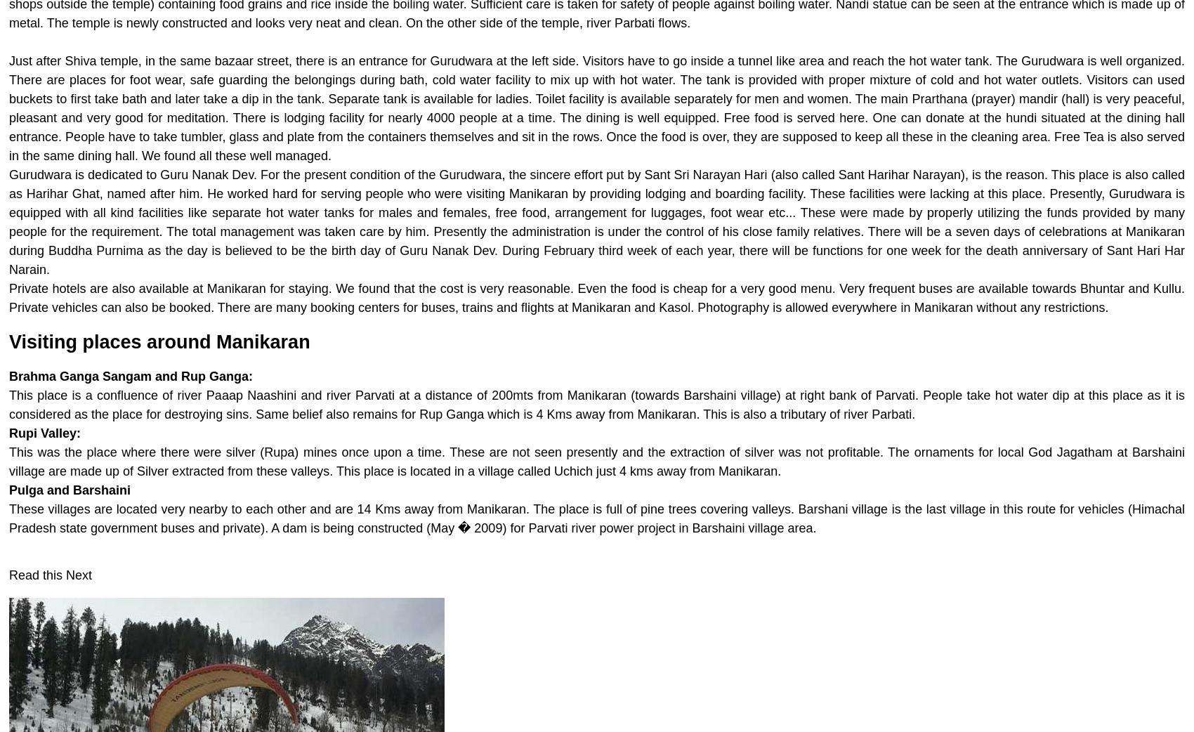  Describe the element at coordinates (8, 518) in the screenshot. I see `'These villages are located very nearby to each other and are 14 Kms away from Manikaran. The place is full of pine trees covering valleys. Barshani village is the last village in this route for vehicles (Himachal Pradesh state government buses and private). A dam is being constructed (May � 2009) for Parvati river power project in Barshaini village area.'` at that location.